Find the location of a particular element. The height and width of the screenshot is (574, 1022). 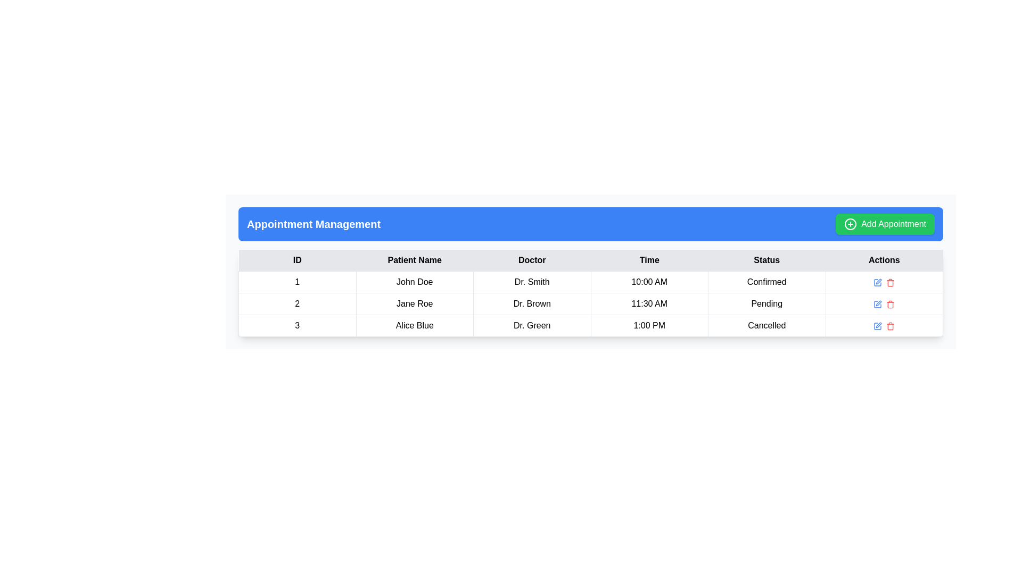

the icon button on the right side of the third row in the 'Actions' column to initiate editing for the entry associated with 'Alice Blue' and 'Dr. Green' is located at coordinates (878, 325).